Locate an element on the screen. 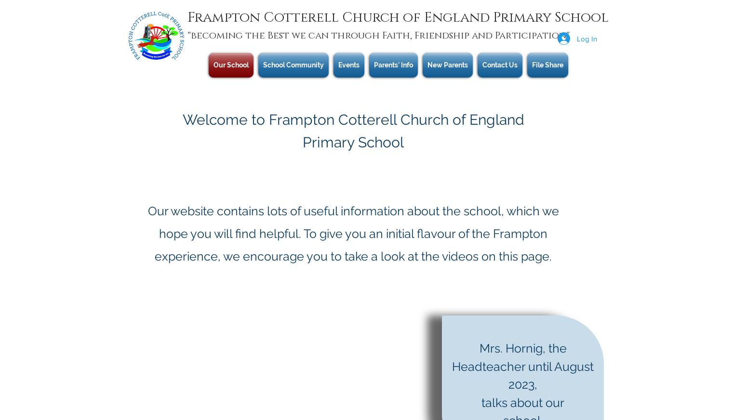  'Our website contains lots of useful information about the school, which we' is located at coordinates (353, 210).